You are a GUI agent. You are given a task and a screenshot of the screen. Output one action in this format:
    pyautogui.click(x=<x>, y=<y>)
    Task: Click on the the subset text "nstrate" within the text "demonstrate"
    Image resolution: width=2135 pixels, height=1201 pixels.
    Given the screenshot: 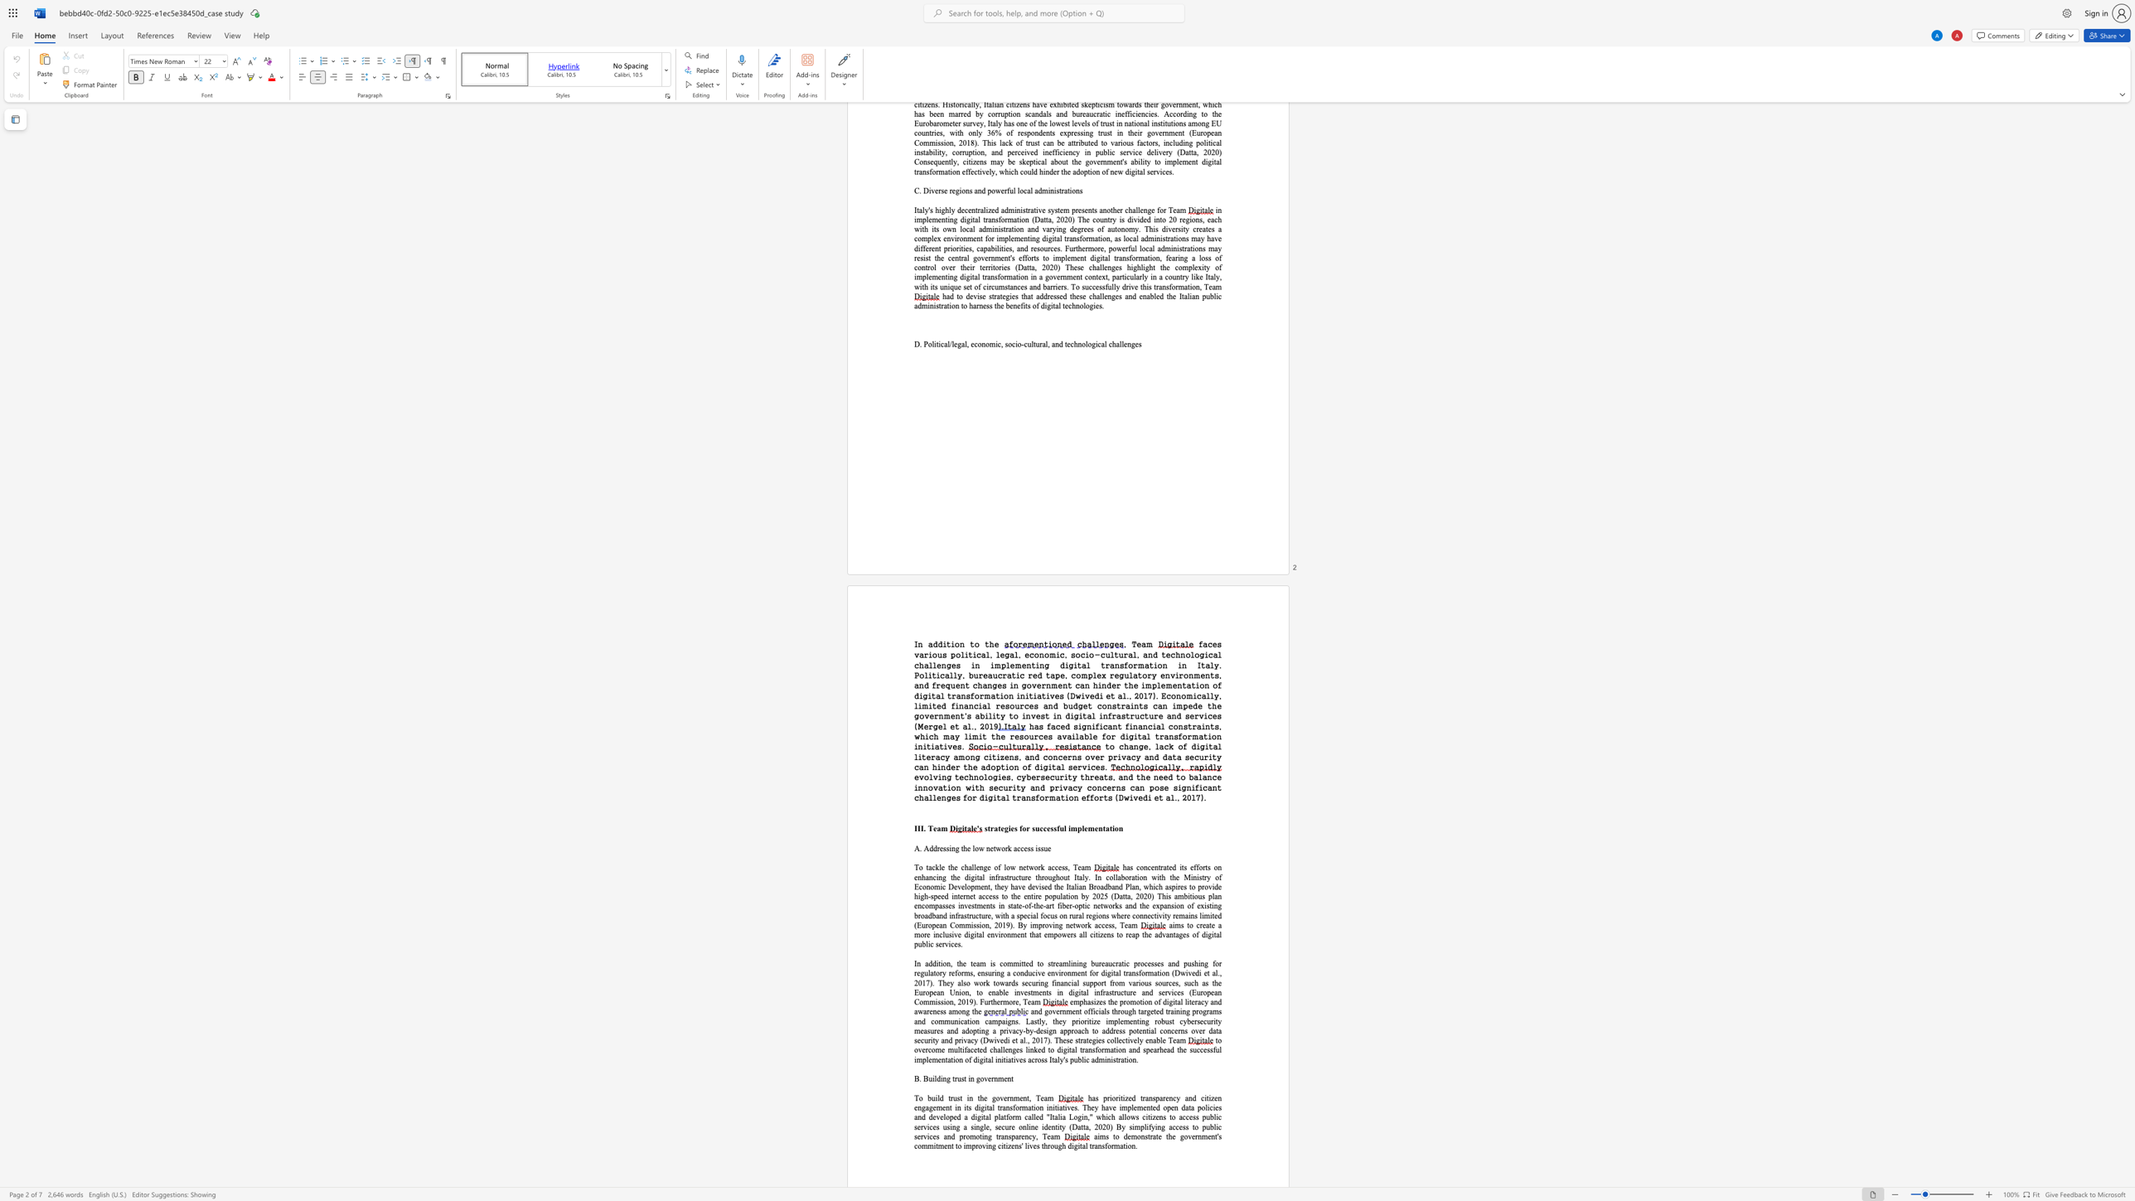 What is the action you would take?
    pyautogui.click(x=1140, y=1136)
    